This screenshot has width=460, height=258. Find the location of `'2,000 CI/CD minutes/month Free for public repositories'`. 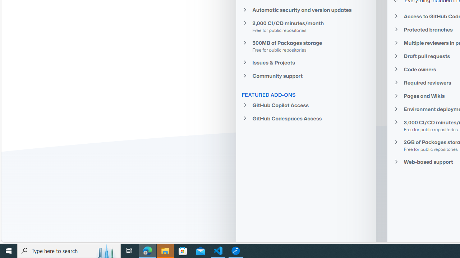

'2,000 CI/CD minutes/month Free for public repositories' is located at coordinates (306, 26).